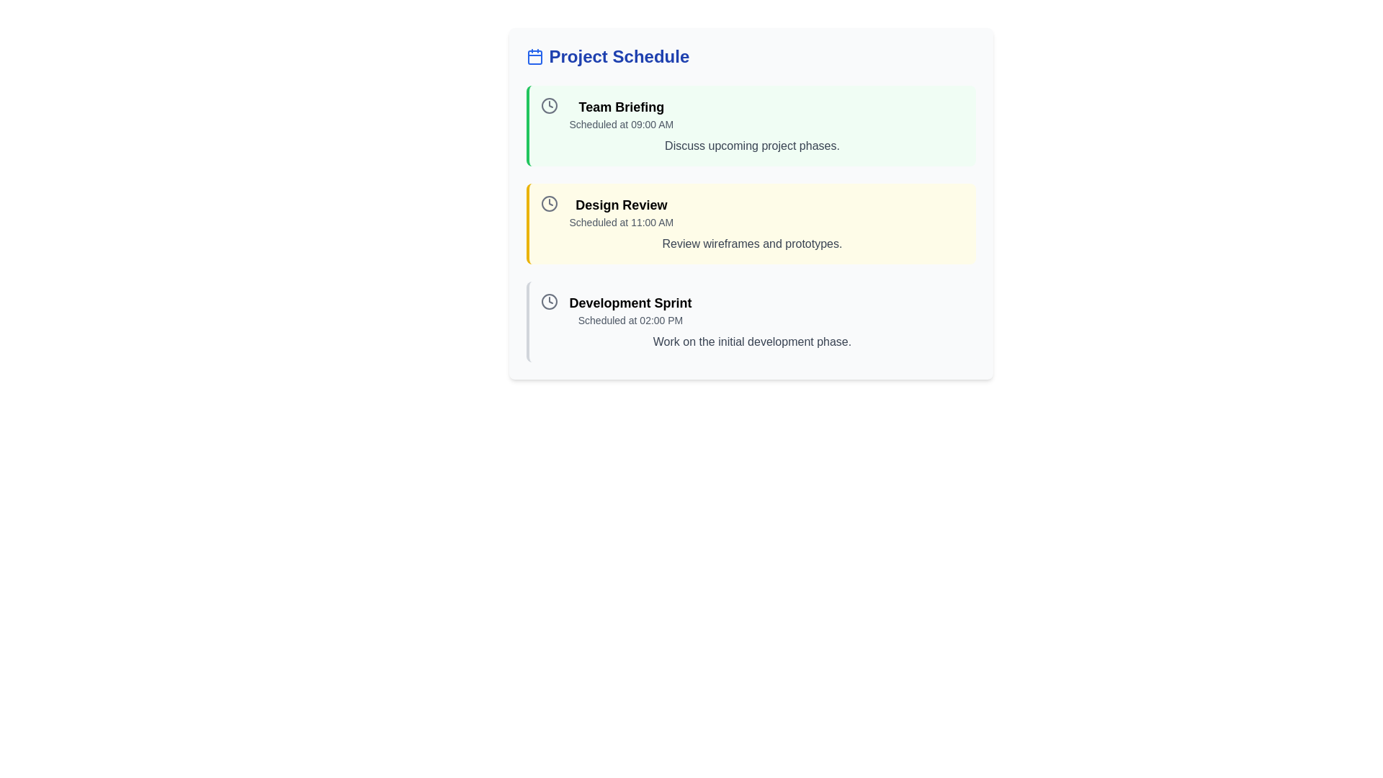 The image size is (1383, 778). I want to click on the icon indicating the scheduled event time for '09:00 AM' next to the 'Team Briefing' text, so click(548, 104).